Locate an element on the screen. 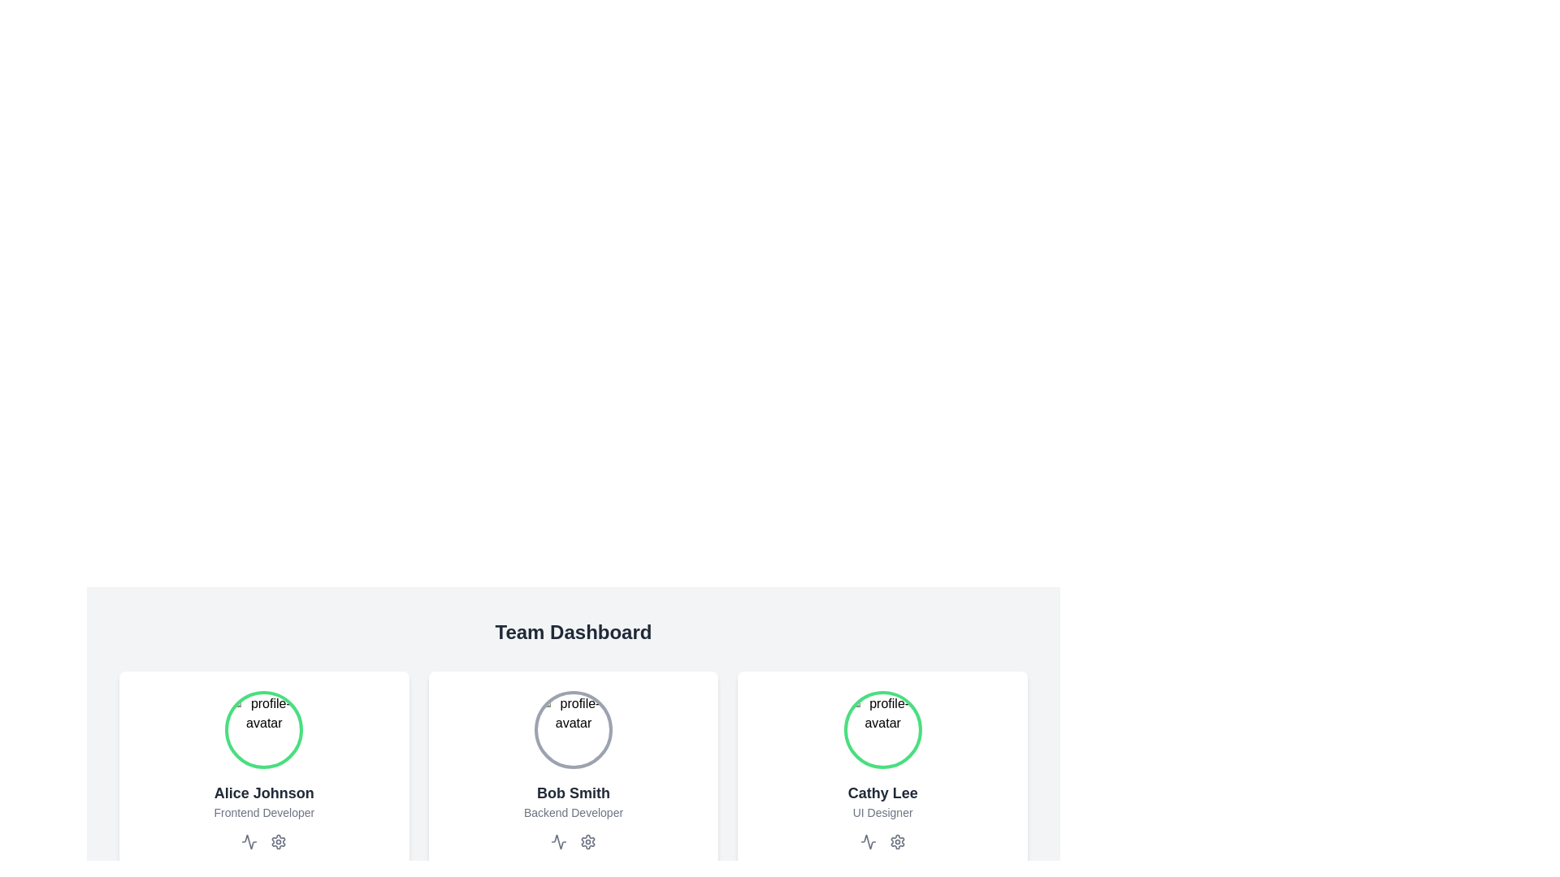  the static text label displaying 'Bob Smith', which is styled with a large, bold, dark gray font and positioned above the text 'Backend Developer' in a centered layout is located at coordinates (573, 792).